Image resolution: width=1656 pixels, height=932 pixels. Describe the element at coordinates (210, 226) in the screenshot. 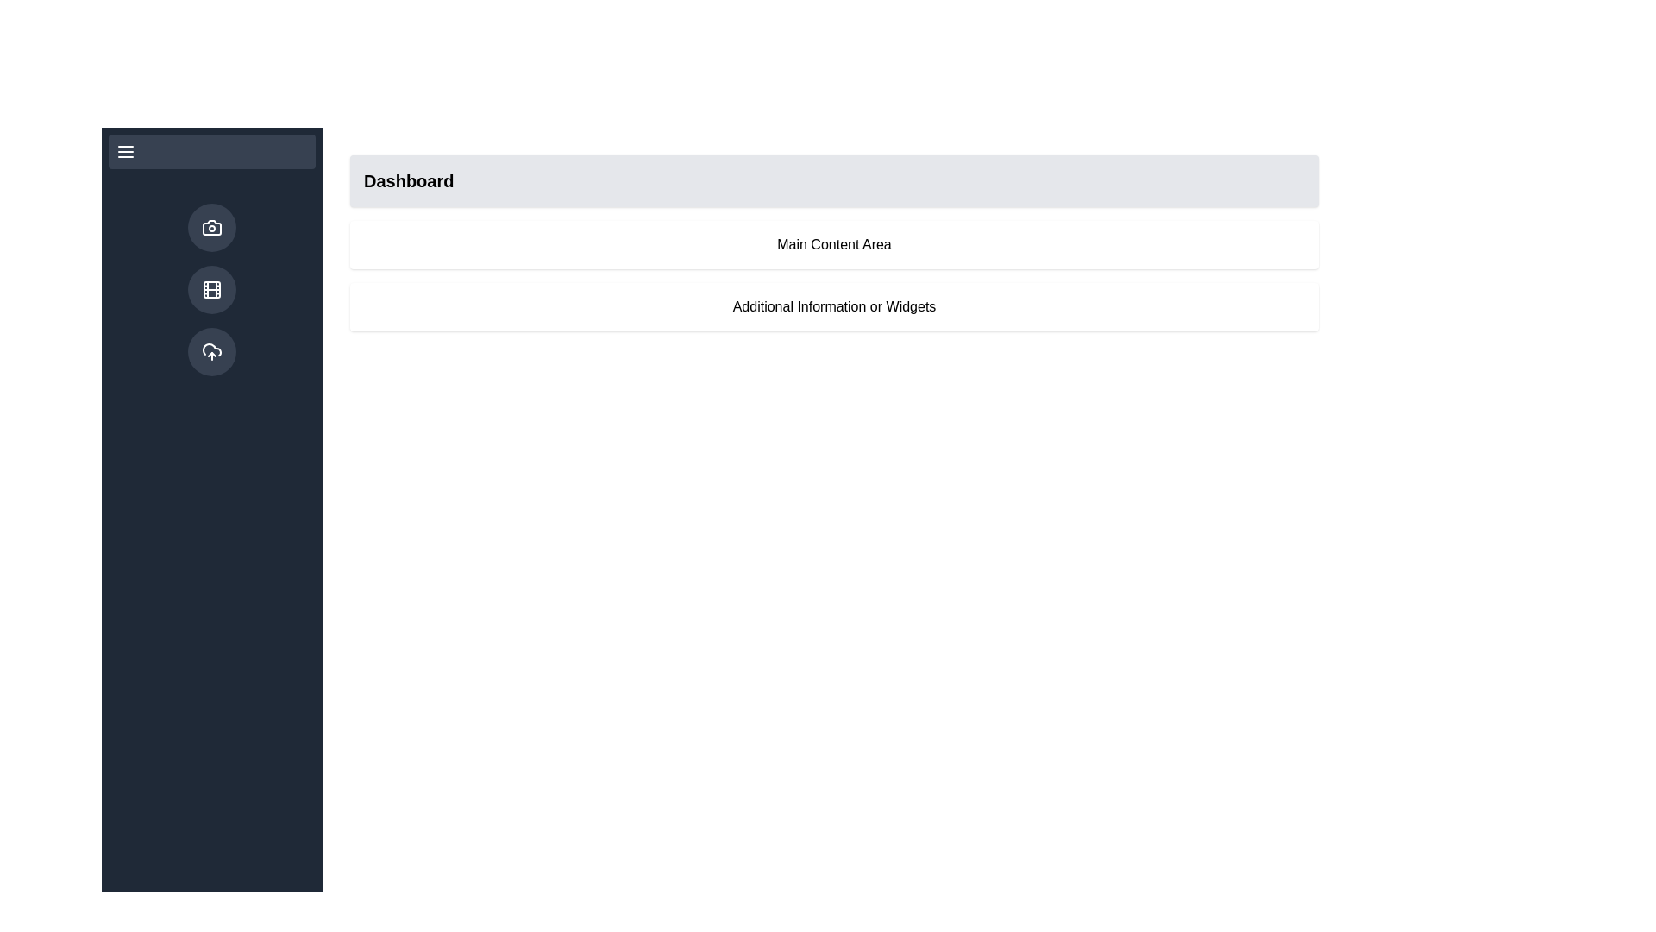

I see `the camera icon located centrally within the circular button on the vertical navigation bar, which is the first icon from the top among other similar button icons` at that location.